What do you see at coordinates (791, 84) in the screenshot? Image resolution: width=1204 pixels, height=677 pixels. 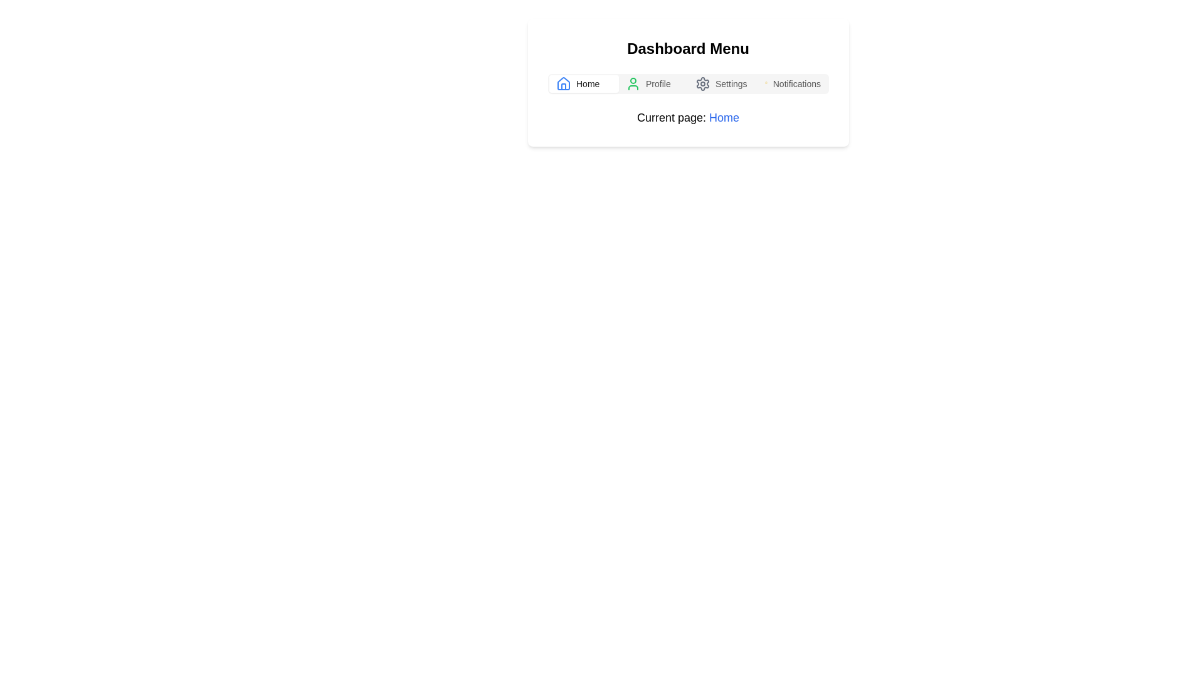 I see `the notifications label in the segmented menu bar, which is the fourth item from the left after 'Settings'` at bounding box center [791, 84].